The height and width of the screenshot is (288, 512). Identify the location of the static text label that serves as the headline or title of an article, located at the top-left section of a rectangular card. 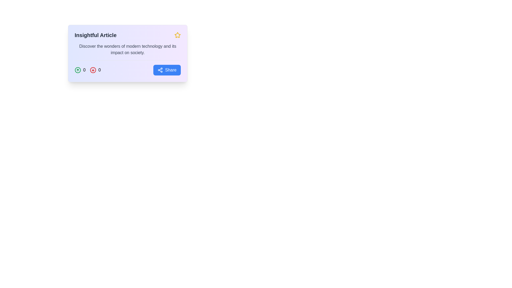
(95, 35).